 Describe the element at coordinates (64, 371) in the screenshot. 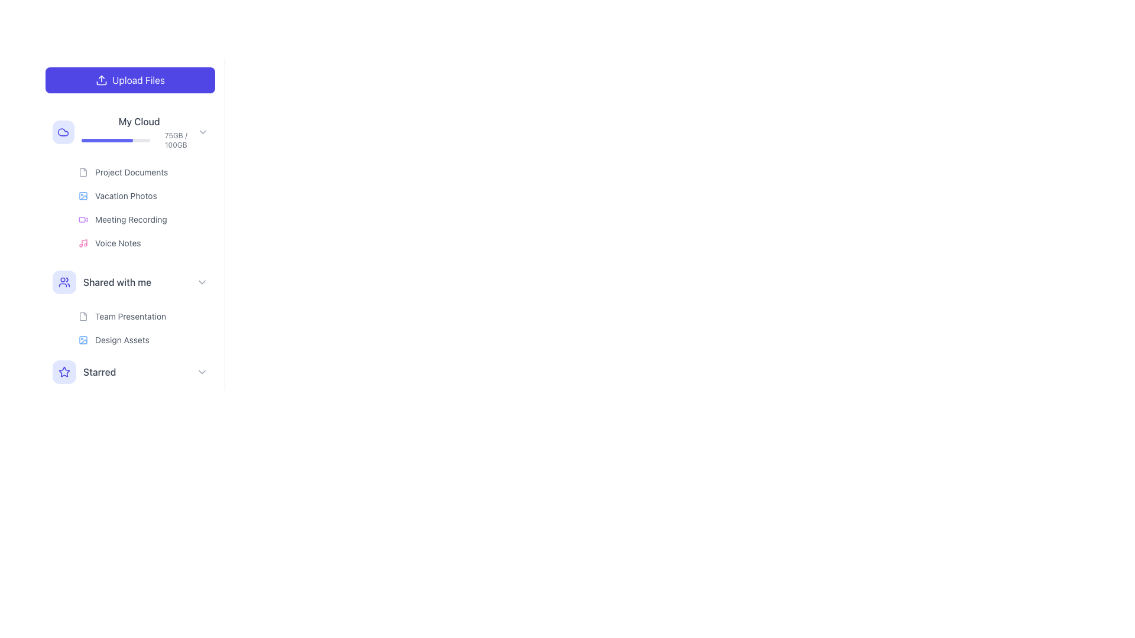

I see `the icon button featuring a star design, which is positioned to the left of the 'Starred' text label in the menu sidebar` at that location.